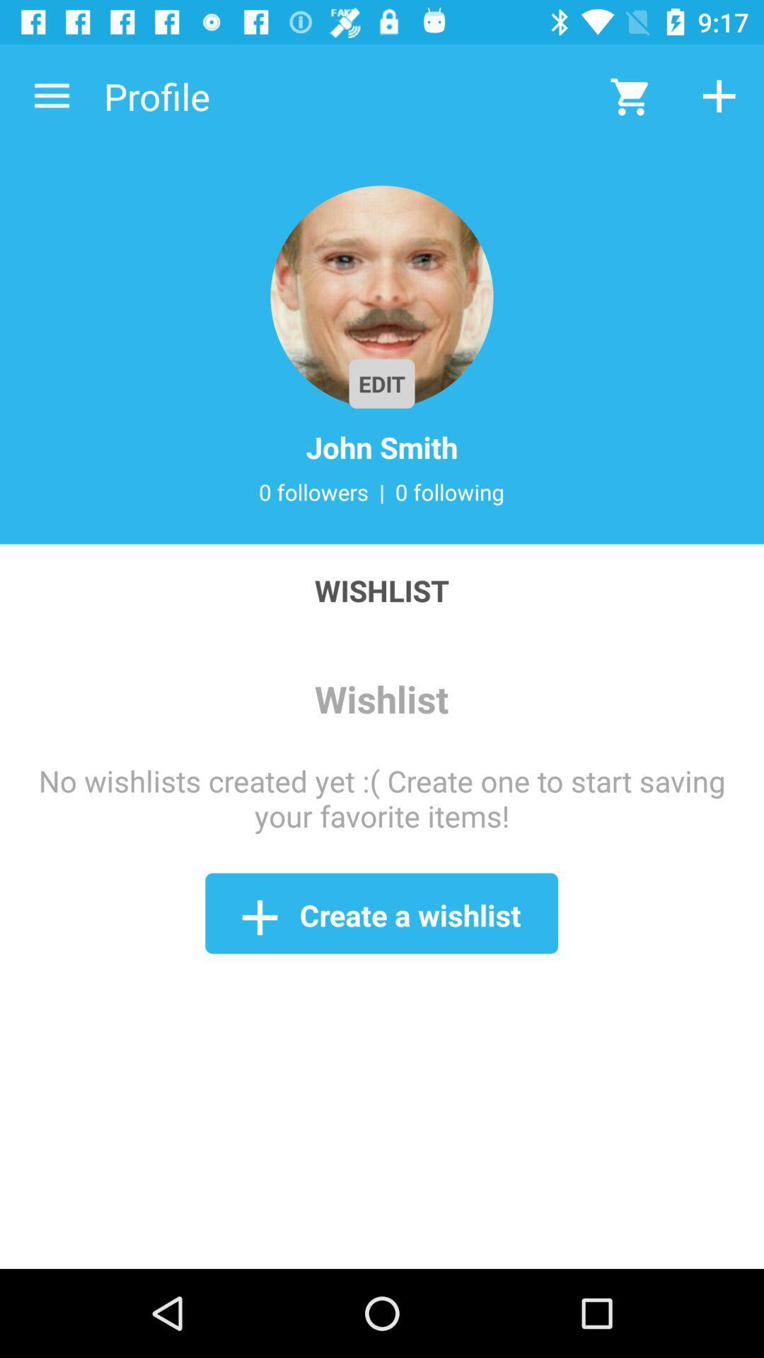 Image resolution: width=764 pixels, height=1358 pixels. I want to click on the item next to the   |   item, so click(313, 492).